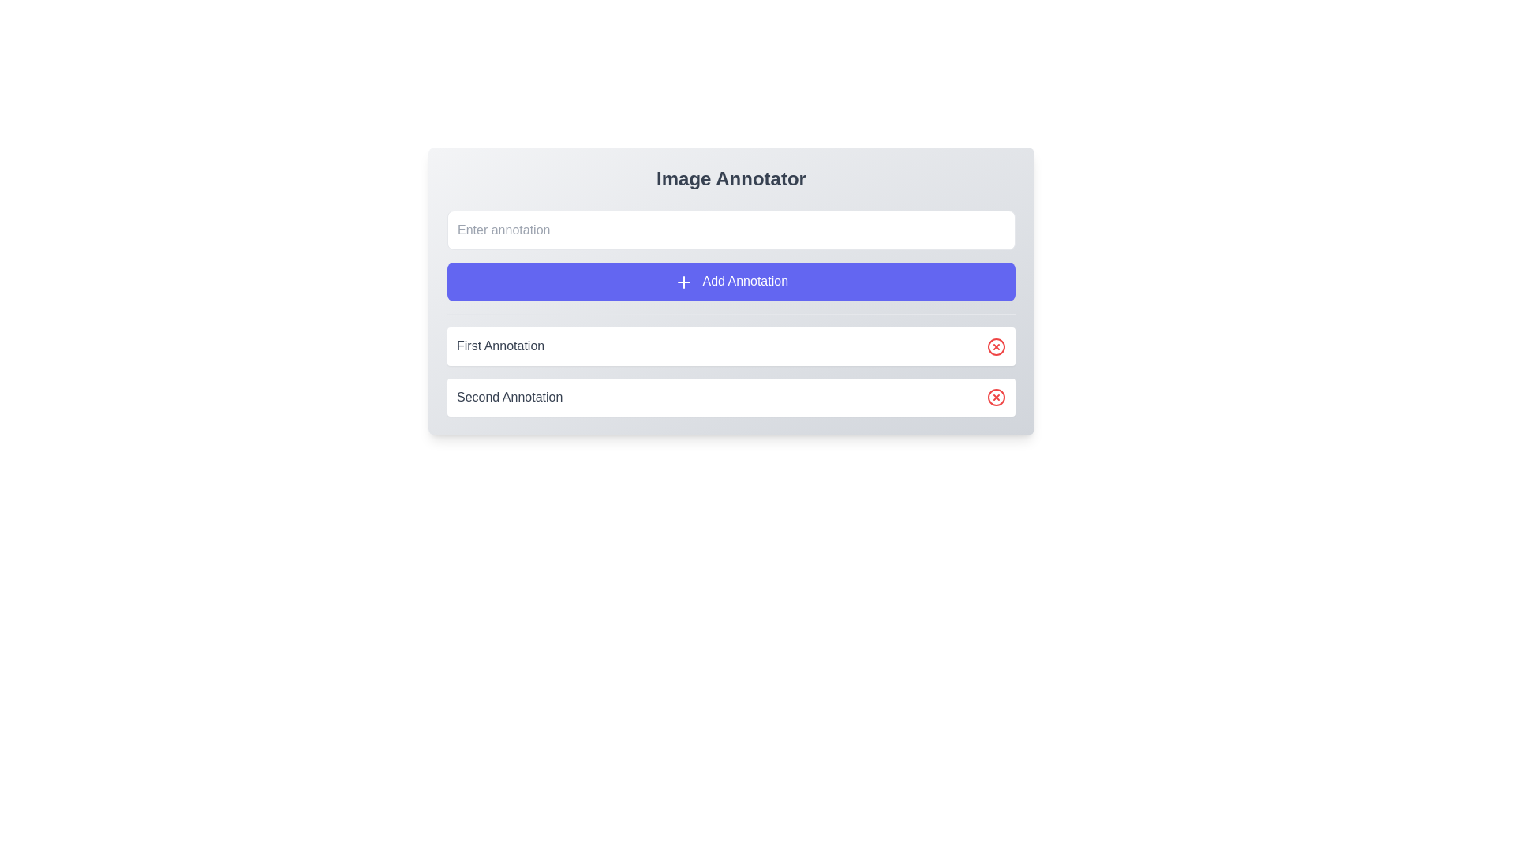 This screenshot has width=1515, height=852. Describe the element at coordinates (730, 255) in the screenshot. I see `the 'Add Annotation' button, which has a gradient indigo background and white text` at that location.